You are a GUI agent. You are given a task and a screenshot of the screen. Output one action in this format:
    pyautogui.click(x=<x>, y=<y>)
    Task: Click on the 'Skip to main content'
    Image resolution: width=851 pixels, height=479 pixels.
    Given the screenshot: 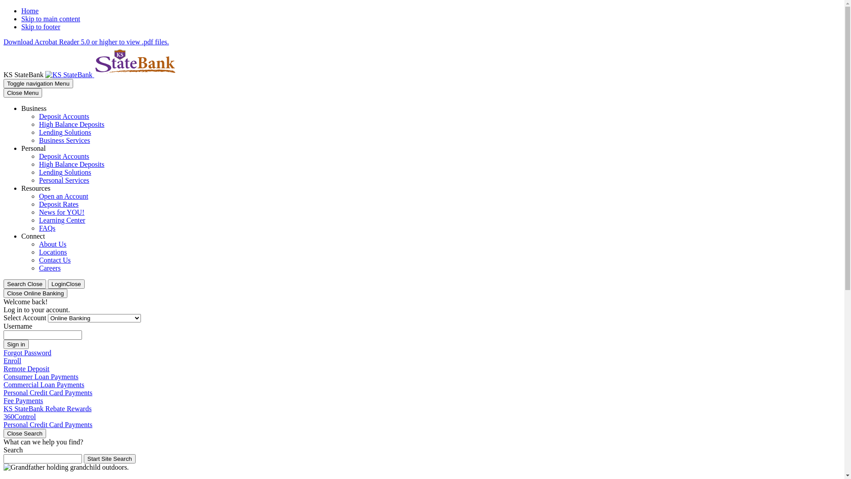 What is the action you would take?
    pyautogui.click(x=50, y=19)
    